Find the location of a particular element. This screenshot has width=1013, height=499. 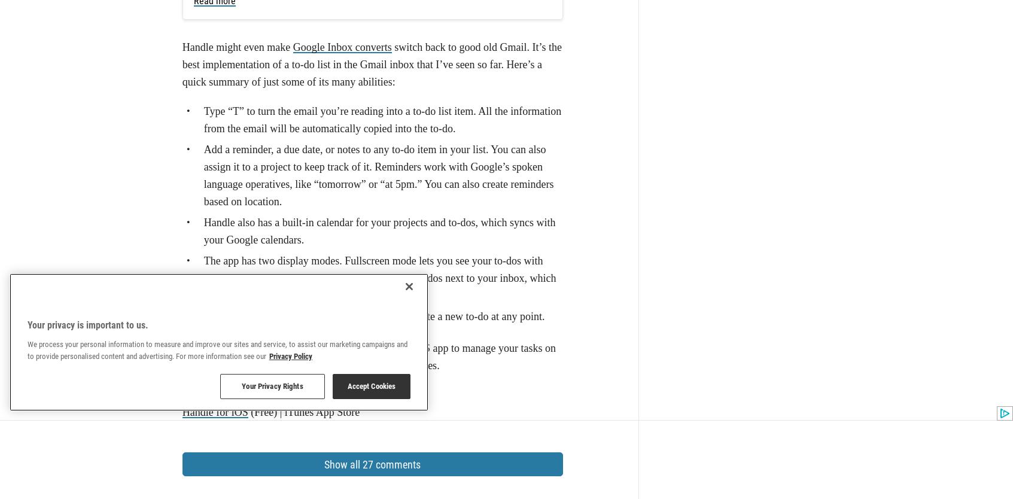

'Handle for Gmail' is located at coordinates (220, 172).